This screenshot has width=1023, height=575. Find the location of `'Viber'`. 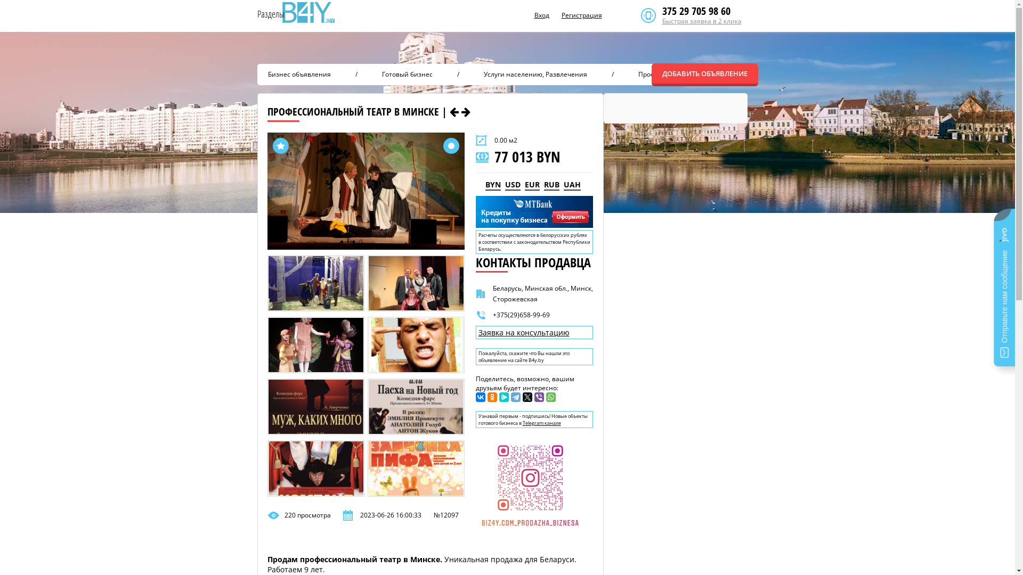

'Viber' is located at coordinates (539, 397).